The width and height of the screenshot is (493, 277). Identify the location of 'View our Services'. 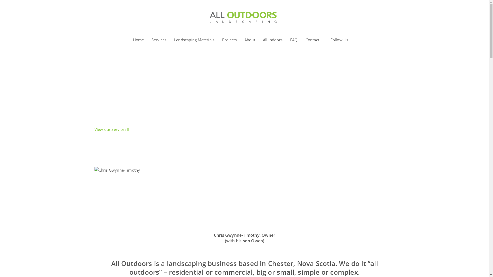
(111, 129).